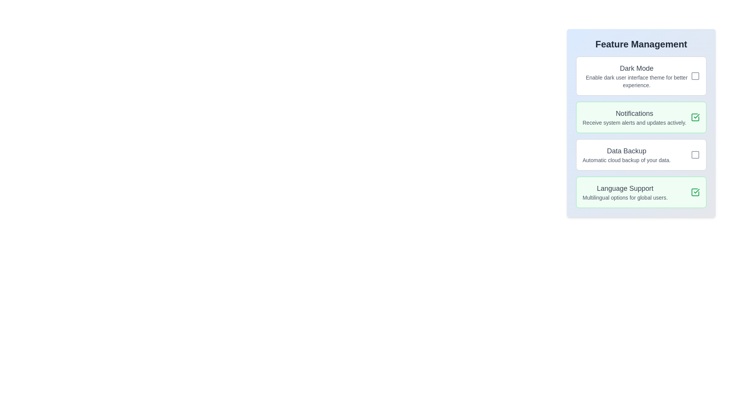 The height and width of the screenshot is (413, 734). What do you see at coordinates (641, 44) in the screenshot?
I see `the title 'Feature Management' to check for hidden interactions` at bounding box center [641, 44].